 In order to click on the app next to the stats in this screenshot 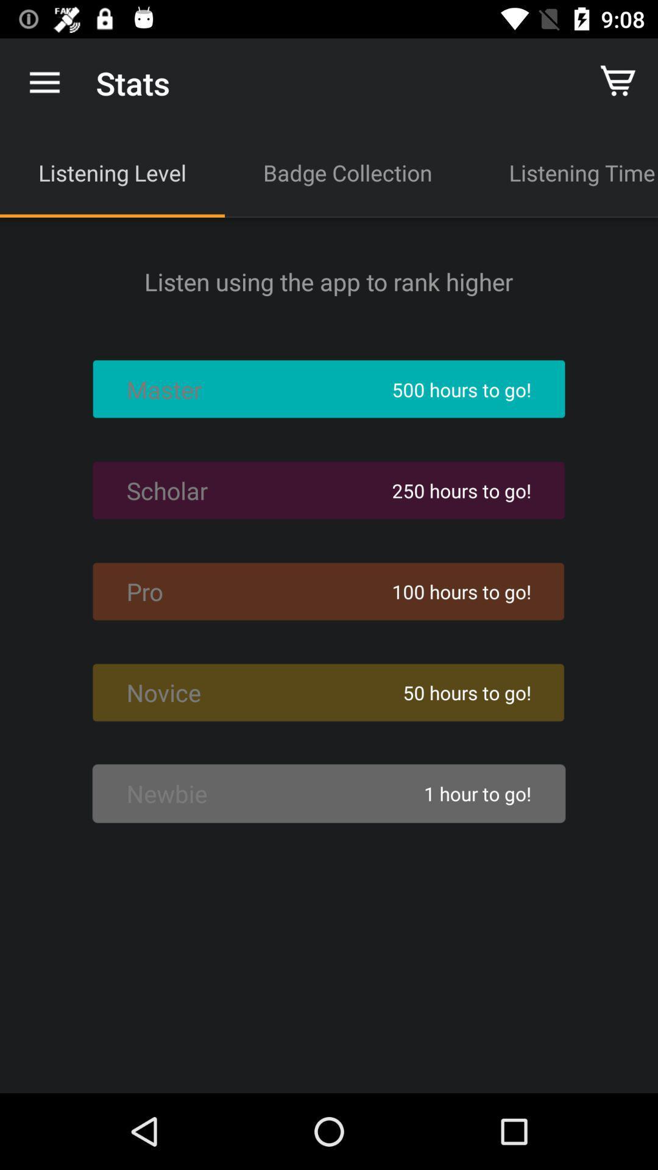, I will do `click(44, 82)`.